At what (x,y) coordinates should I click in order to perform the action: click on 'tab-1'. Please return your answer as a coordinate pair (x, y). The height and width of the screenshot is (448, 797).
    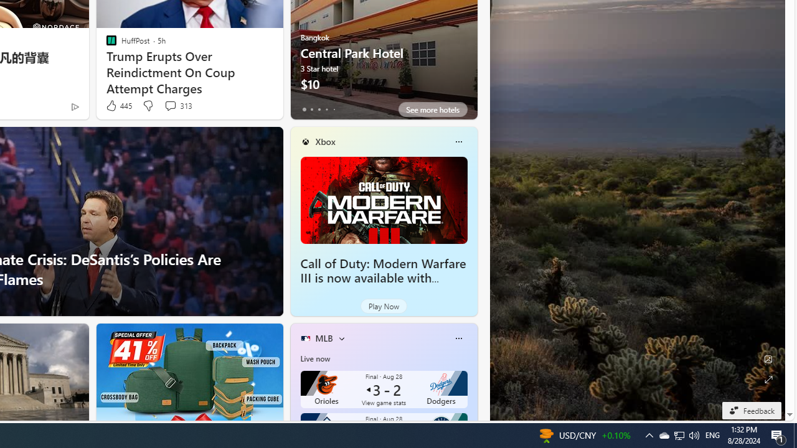
    Looking at the image, I should click on (311, 109).